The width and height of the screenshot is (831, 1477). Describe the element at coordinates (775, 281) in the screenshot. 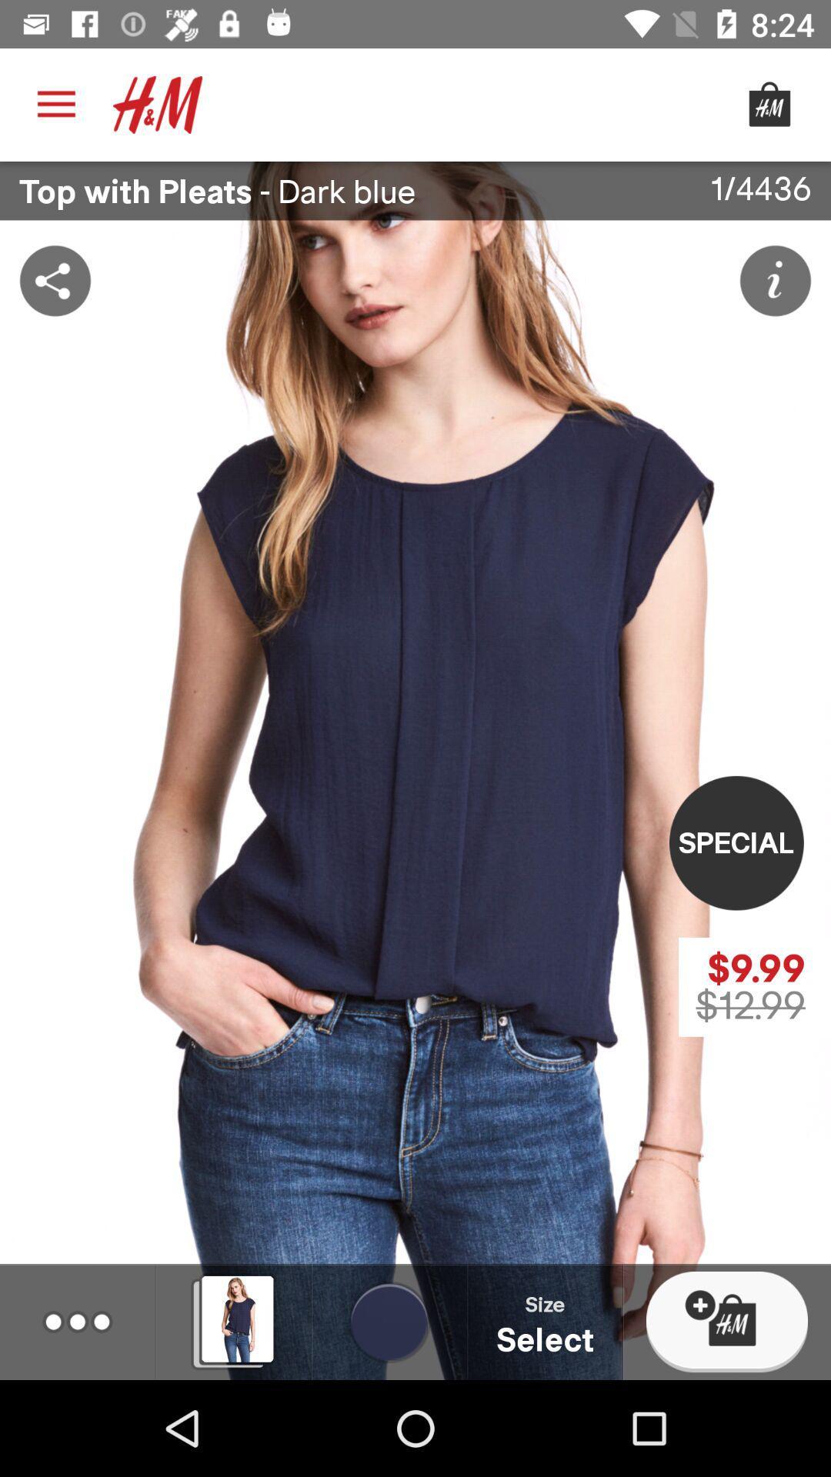

I see `the info icon` at that location.